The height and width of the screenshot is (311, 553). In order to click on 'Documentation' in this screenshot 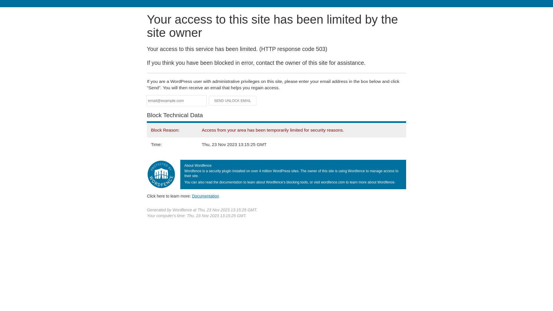, I will do `click(205, 196)`.